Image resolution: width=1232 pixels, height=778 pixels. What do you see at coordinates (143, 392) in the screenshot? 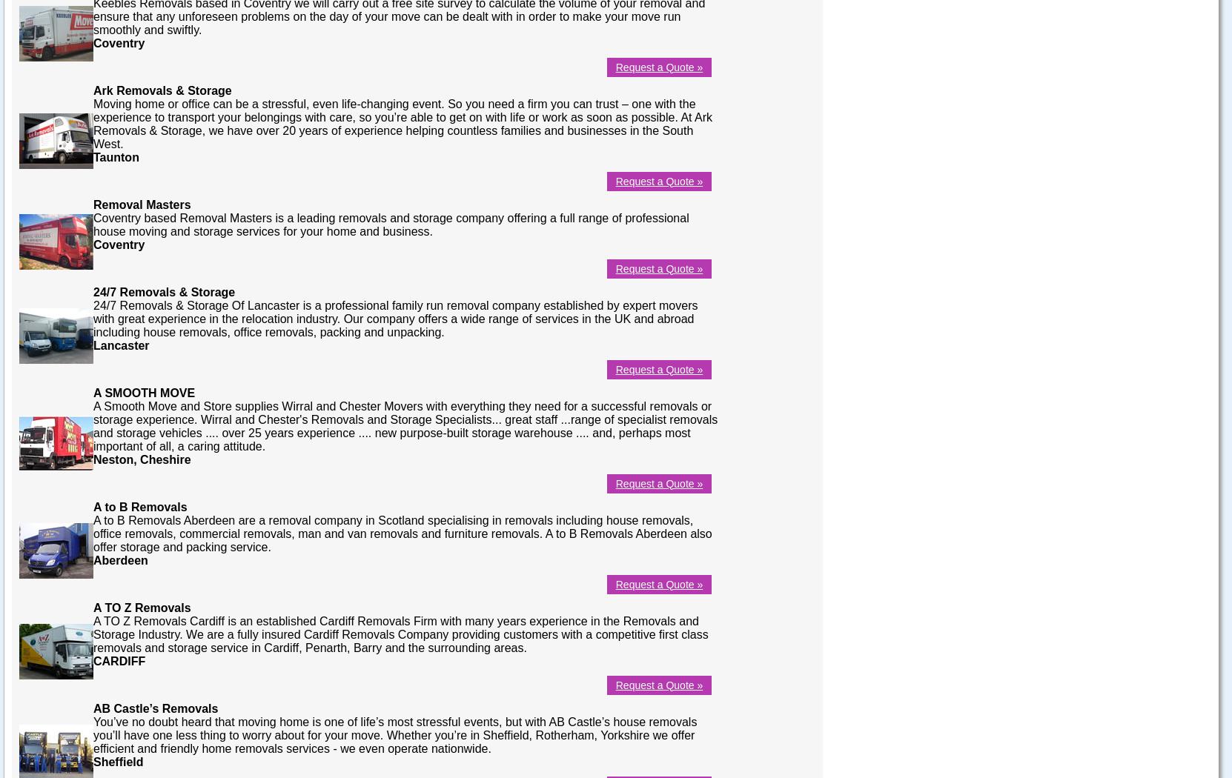
I see `'A SMOOTH MOVE'` at bounding box center [143, 392].